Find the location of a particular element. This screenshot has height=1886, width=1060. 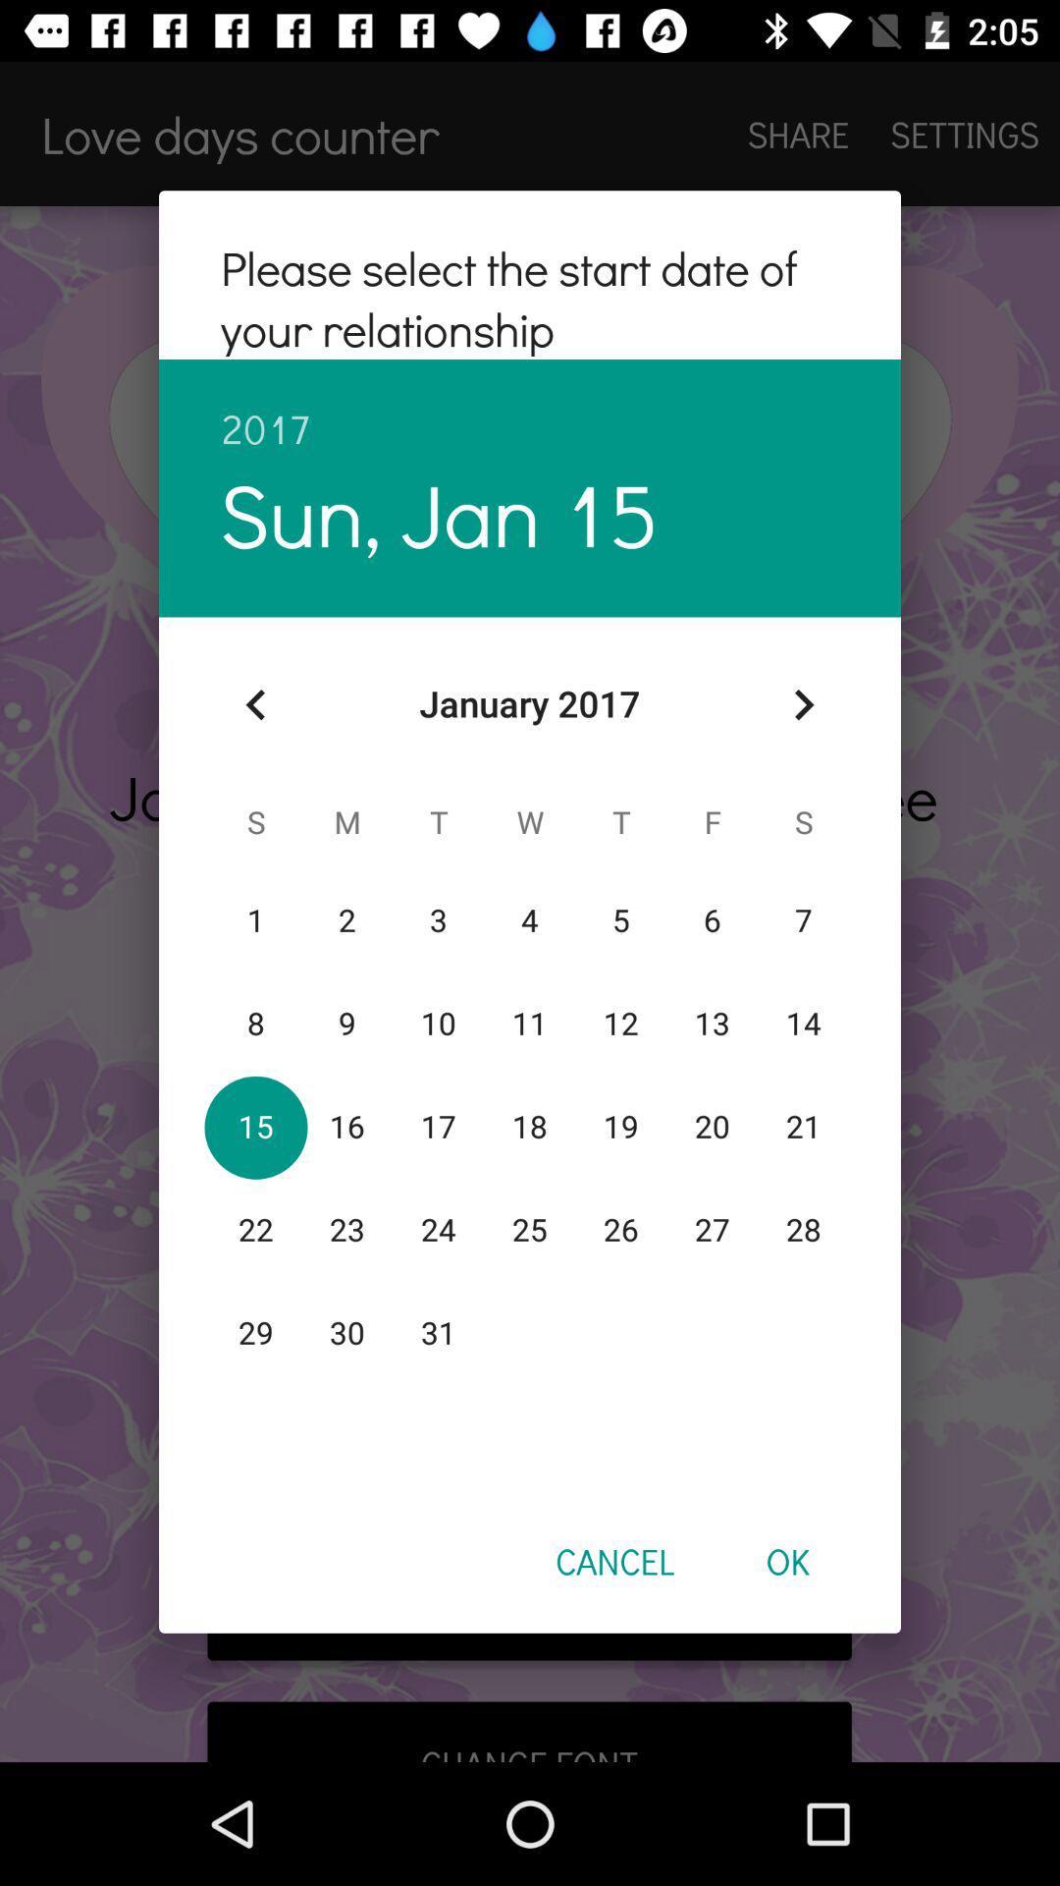

icon on the left is located at coordinates (255, 704).